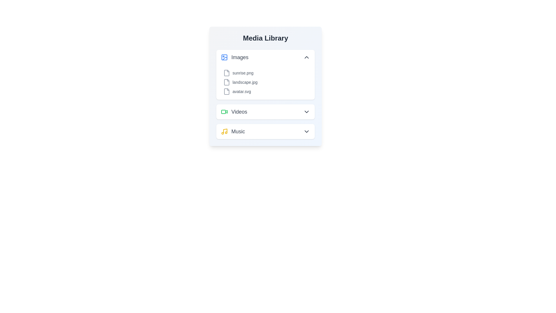  I want to click on the small blue icon resembling an image symbol, which is located to the left of the 'Images' label in the 'Media Library' section, so click(224, 57).